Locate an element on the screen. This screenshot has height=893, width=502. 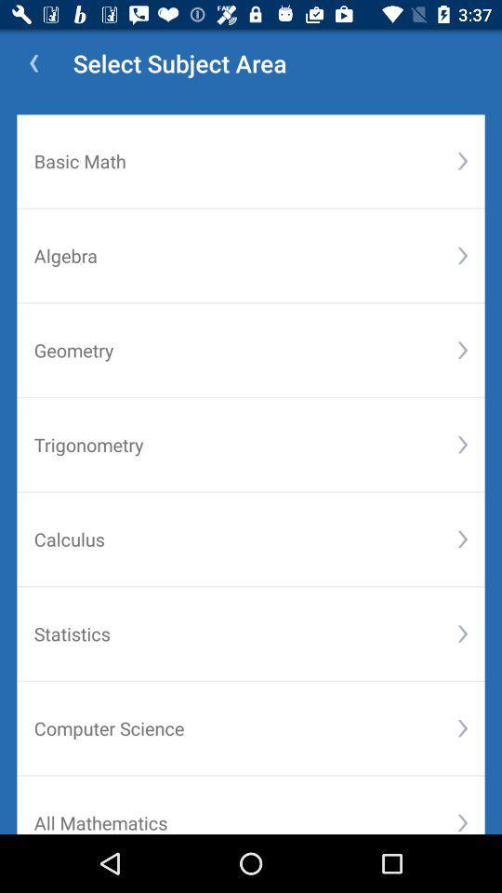
the computer science item is located at coordinates (245, 728).